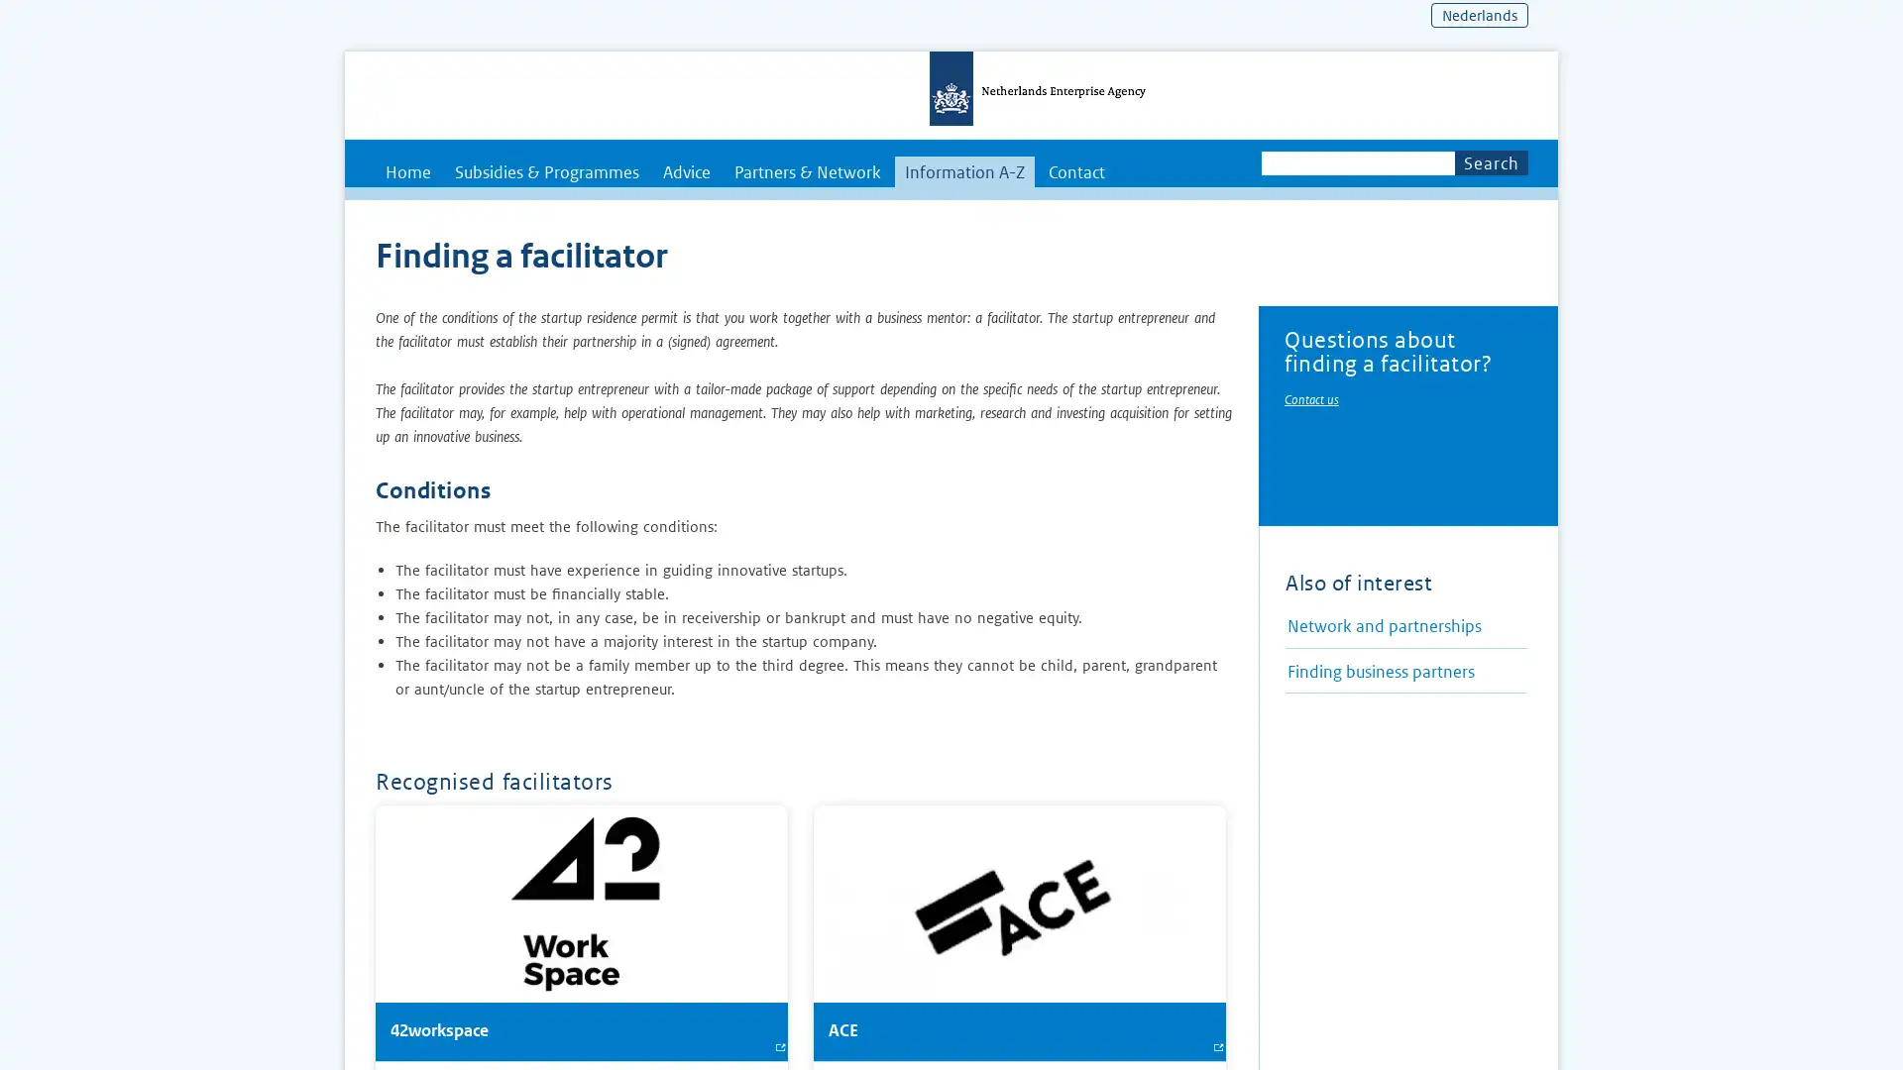  I want to click on Search, so click(1492, 161).